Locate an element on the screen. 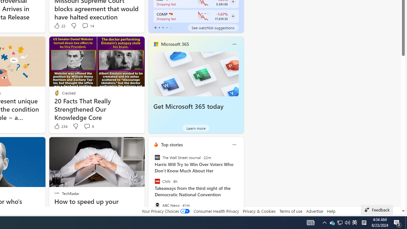  'tab-4' is located at coordinates (170, 27).